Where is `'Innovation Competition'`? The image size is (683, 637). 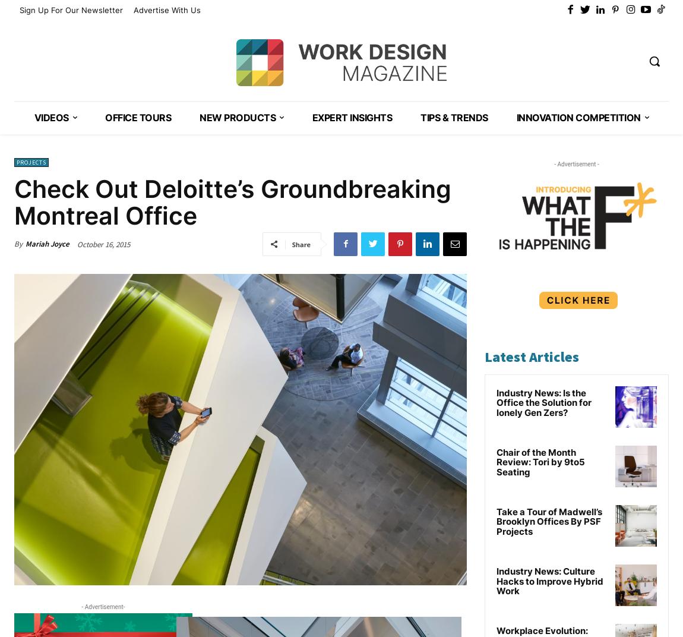 'Innovation Competition' is located at coordinates (578, 116).